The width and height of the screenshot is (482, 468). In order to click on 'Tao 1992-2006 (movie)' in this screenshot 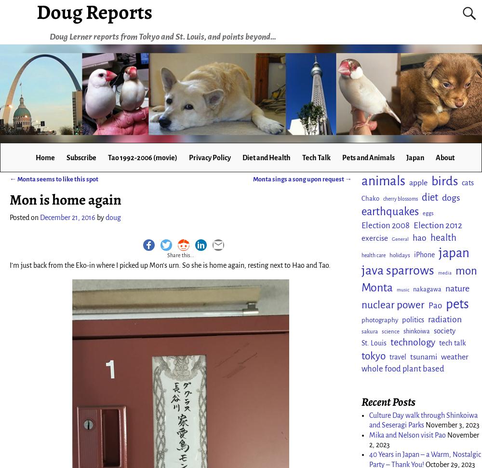, I will do `click(142, 157)`.